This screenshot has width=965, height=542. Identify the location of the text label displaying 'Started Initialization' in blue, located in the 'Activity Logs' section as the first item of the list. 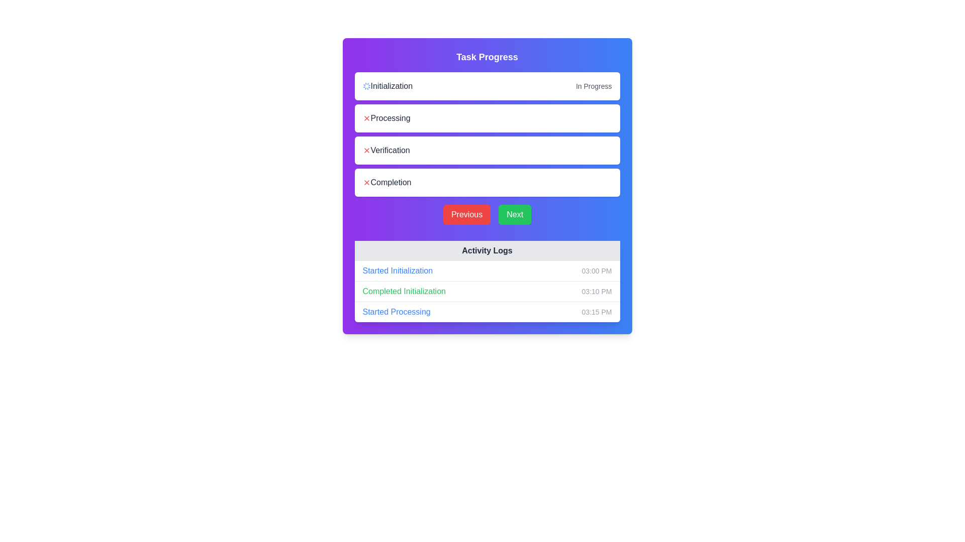
(397, 271).